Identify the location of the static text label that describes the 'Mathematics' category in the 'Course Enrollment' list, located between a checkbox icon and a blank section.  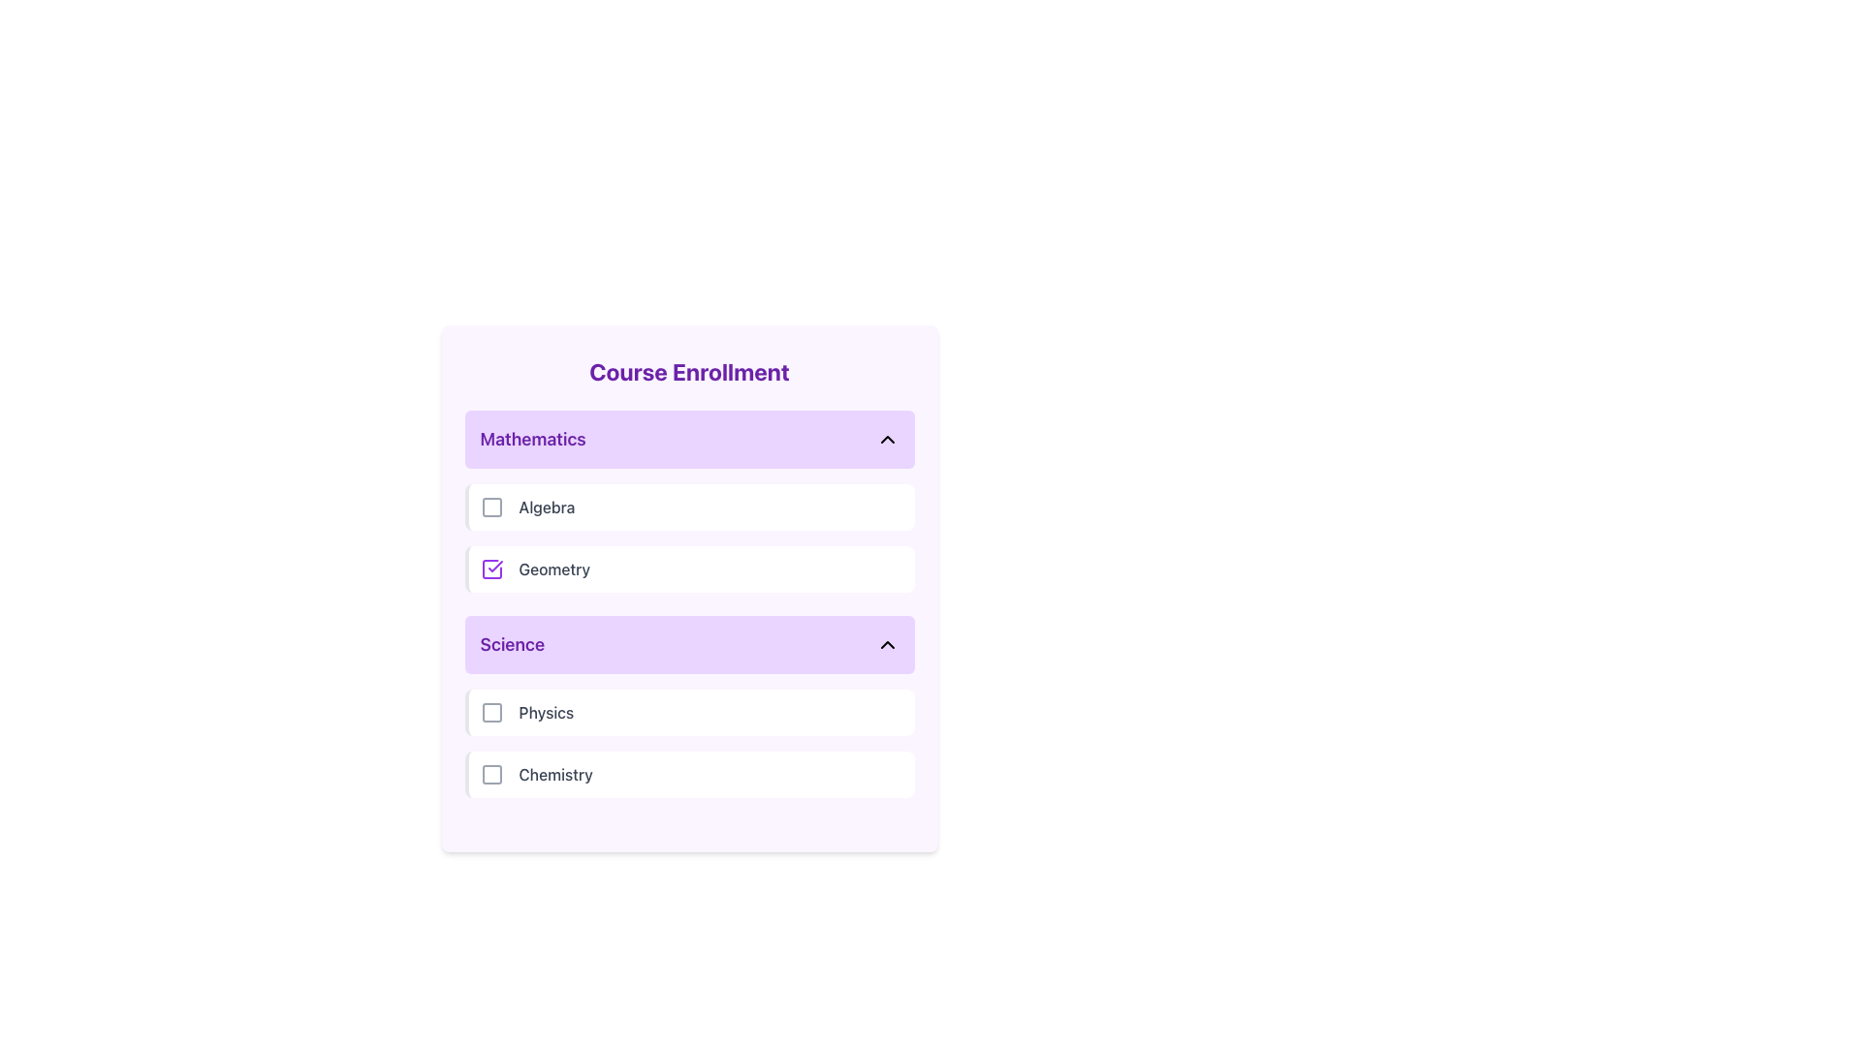
(546, 507).